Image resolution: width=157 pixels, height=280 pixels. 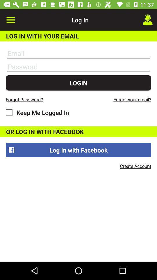 I want to click on the item to the right of the log in, so click(x=148, y=20).